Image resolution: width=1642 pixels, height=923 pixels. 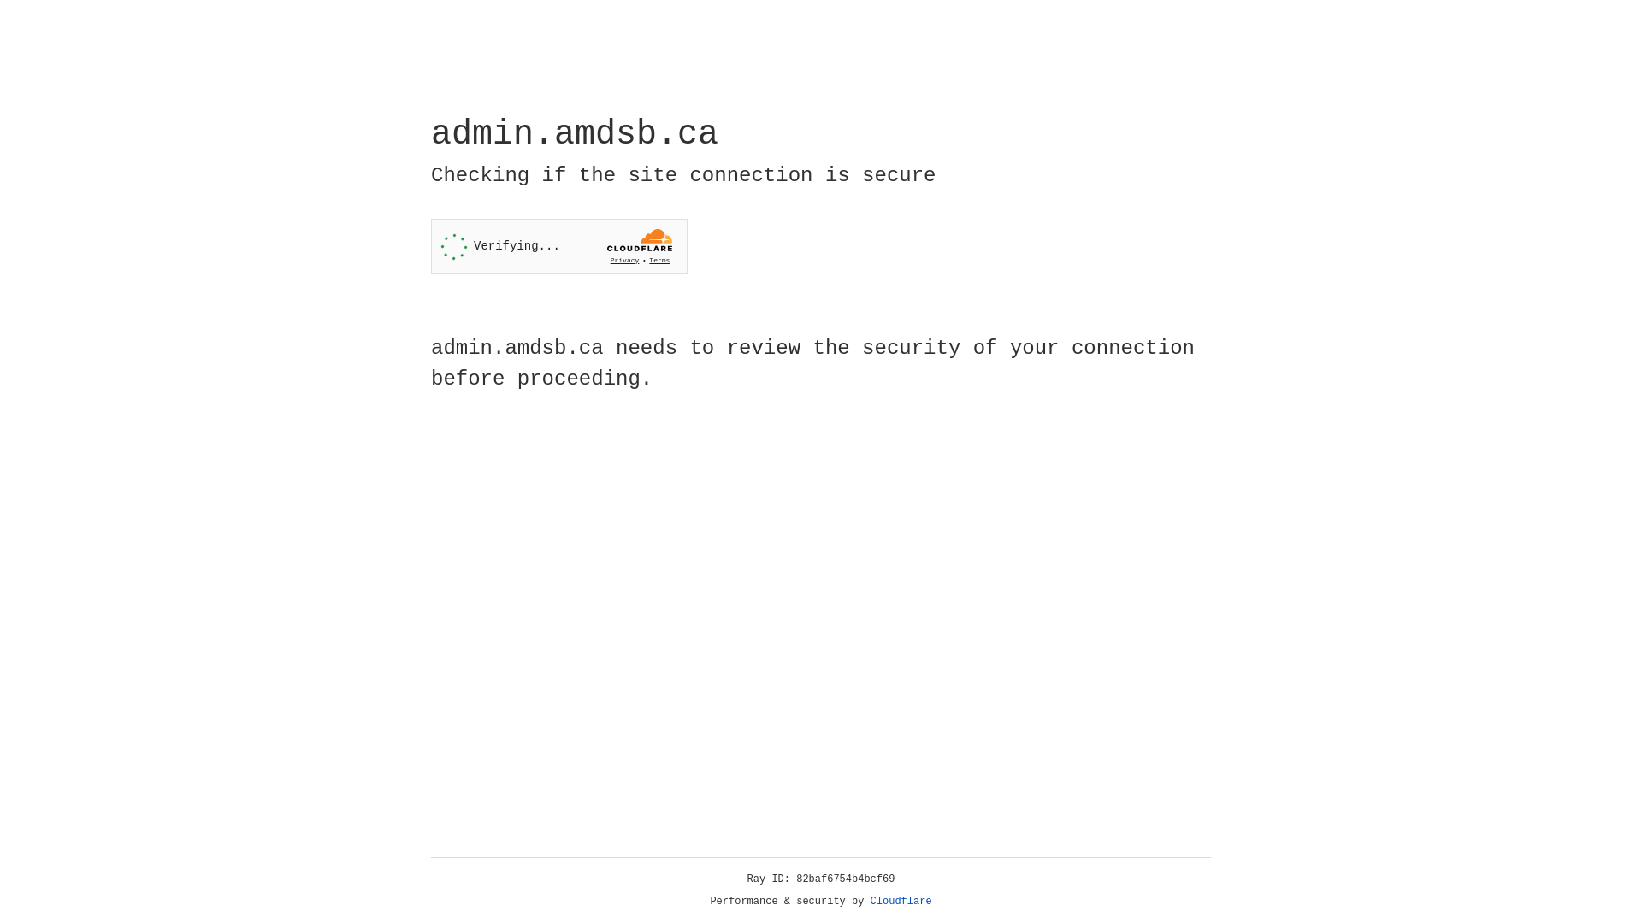 What do you see at coordinates (901, 901) in the screenshot?
I see `'Cloudflare'` at bounding box center [901, 901].